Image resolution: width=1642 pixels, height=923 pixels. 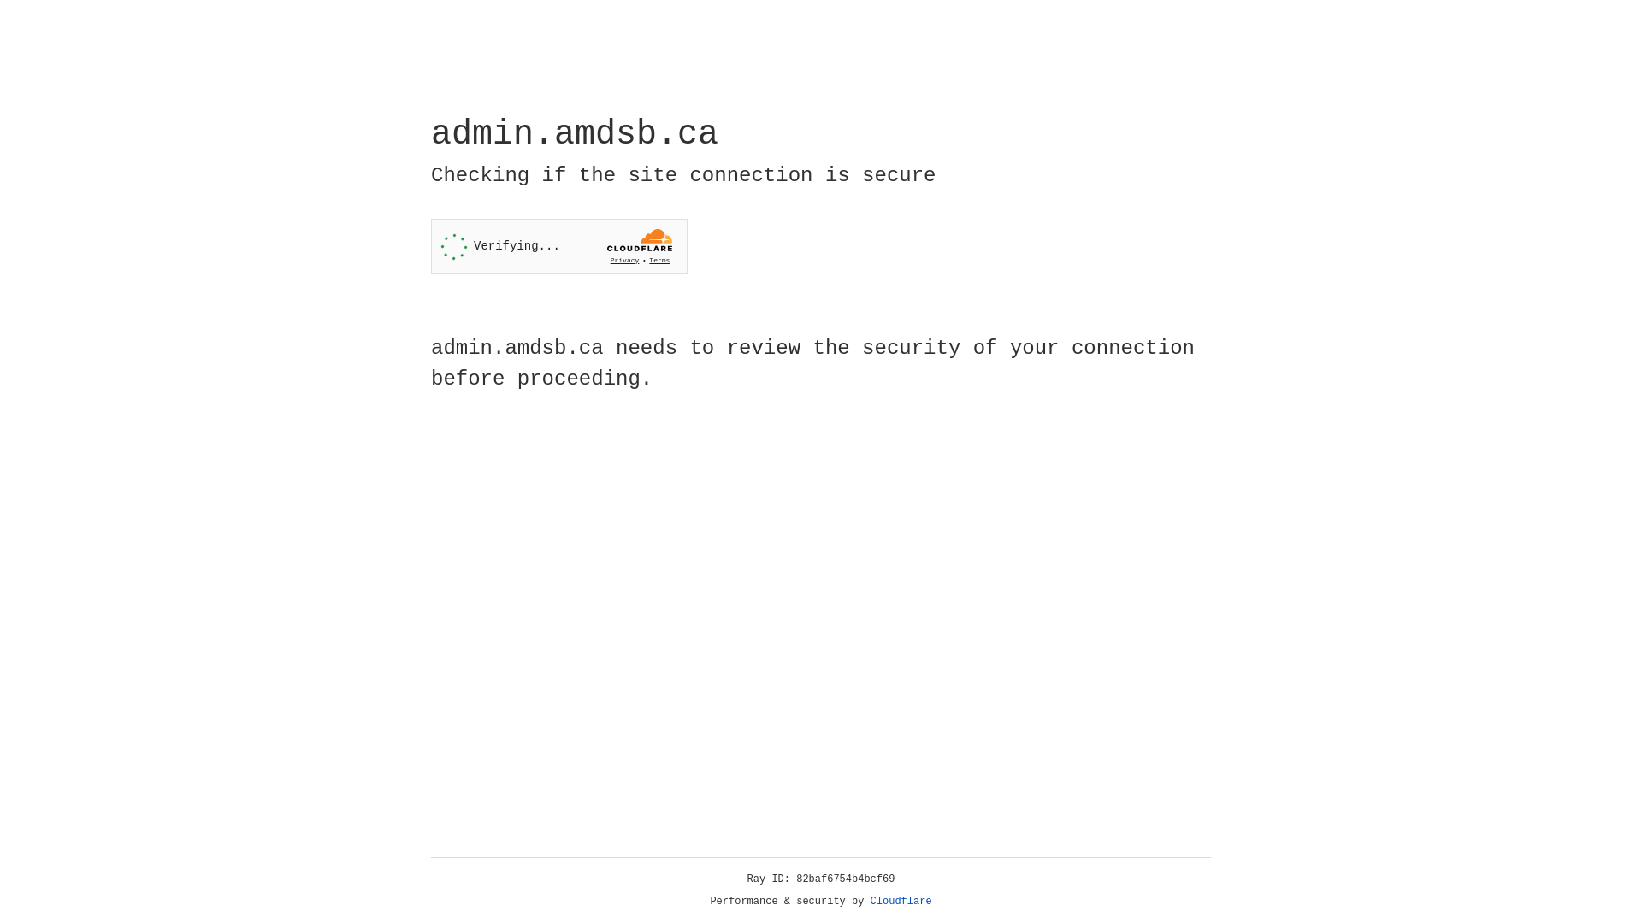 What do you see at coordinates (901, 901) in the screenshot?
I see `'Cloudflare'` at bounding box center [901, 901].